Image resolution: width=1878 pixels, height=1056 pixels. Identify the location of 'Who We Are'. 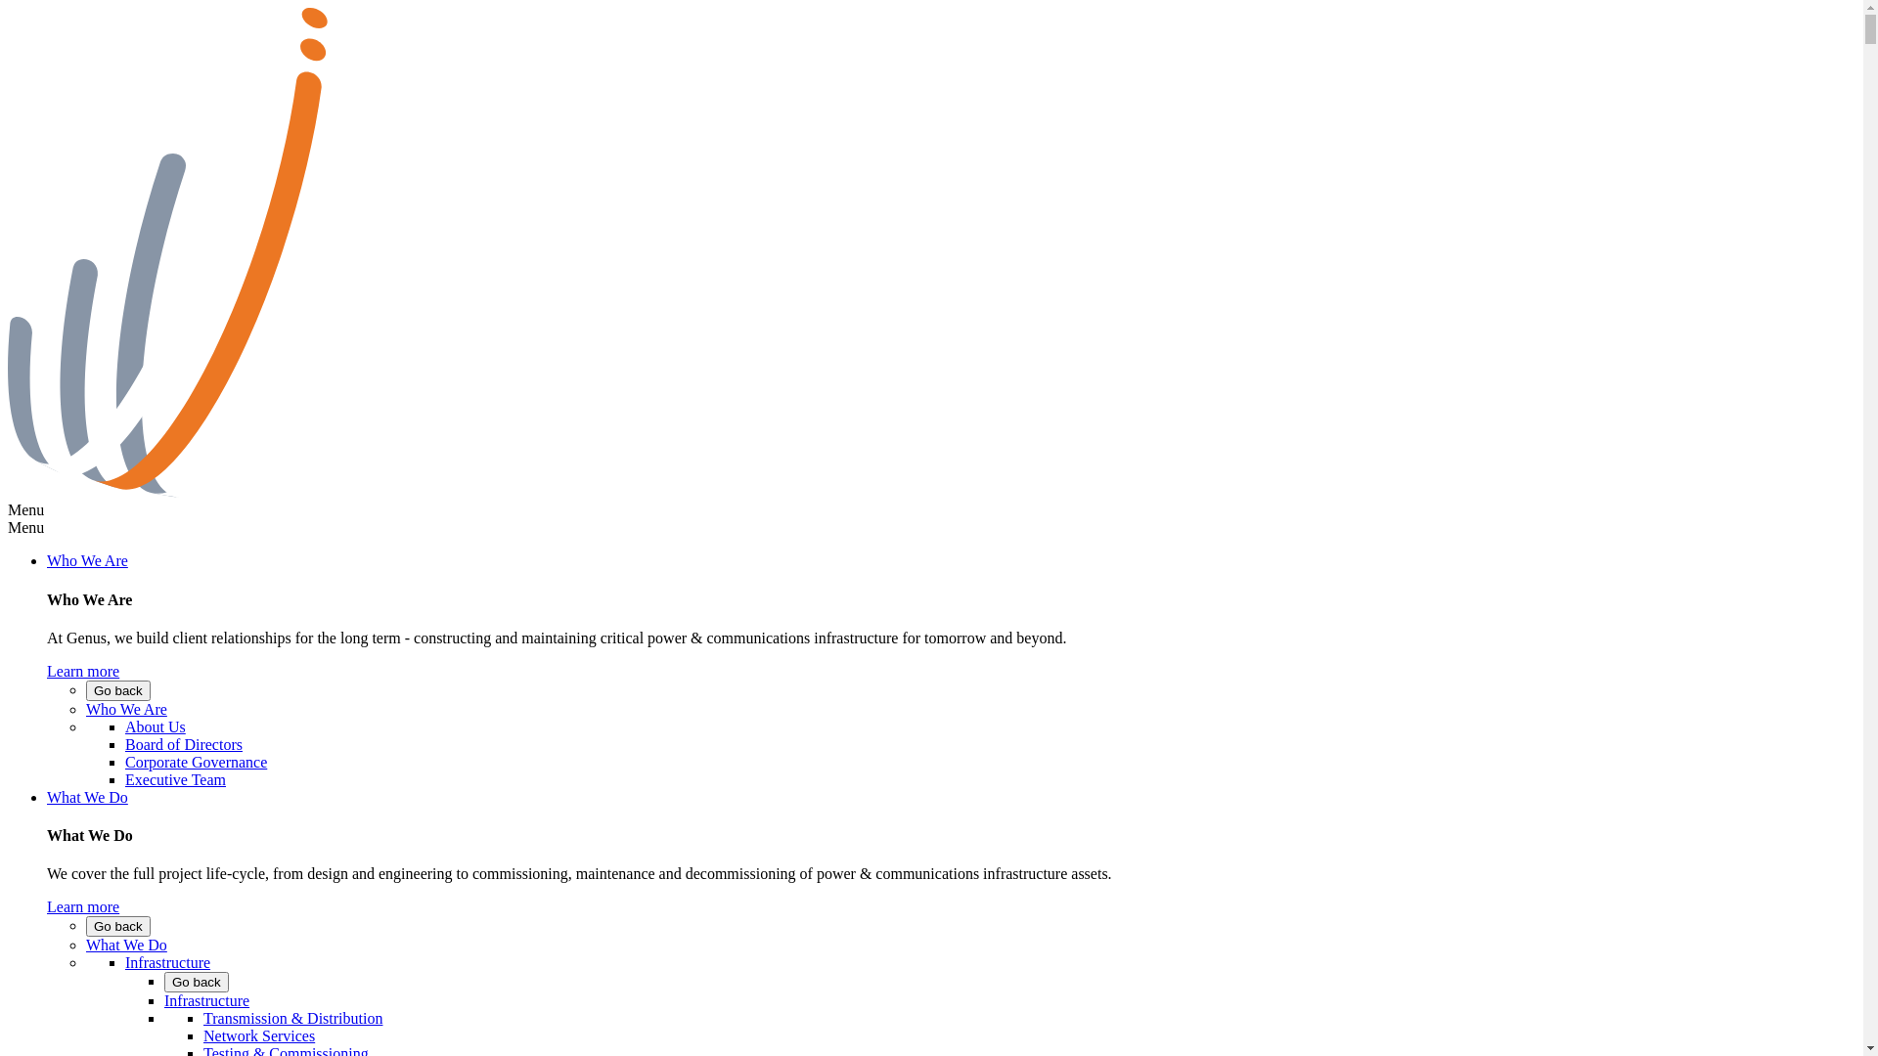
(86, 560).